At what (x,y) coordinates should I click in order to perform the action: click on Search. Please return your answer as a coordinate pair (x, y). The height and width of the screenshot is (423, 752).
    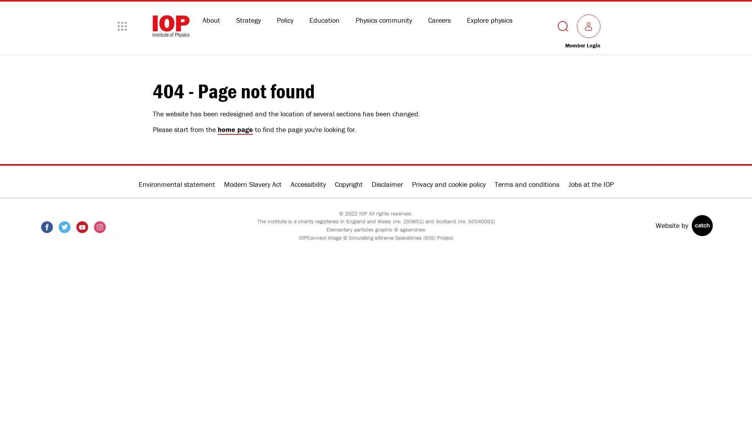
    Looking at the image, I should click on (562, 25).